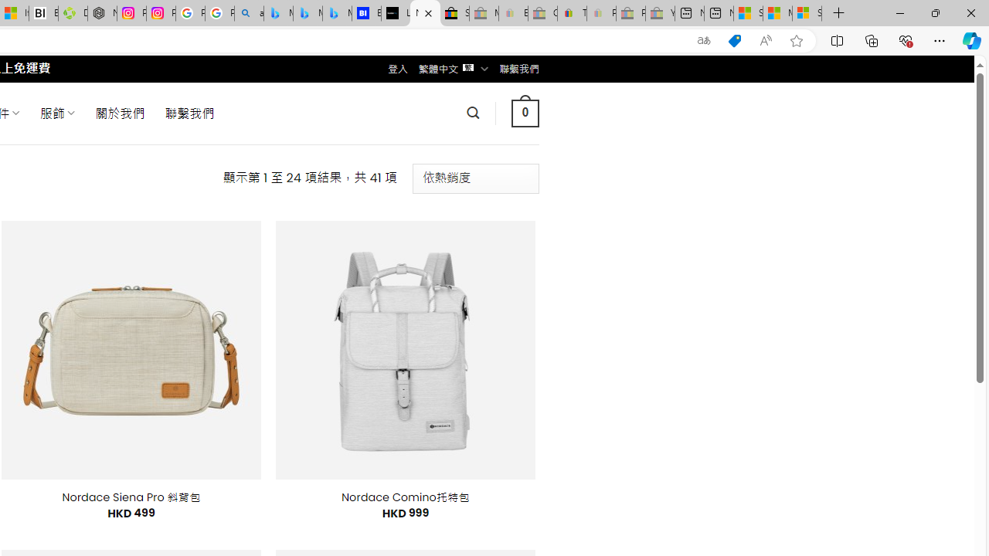 The image size is (989, 556). I want to click on 'This site has coupons! Shopping in Microsoft Edge', so click(734, 40).